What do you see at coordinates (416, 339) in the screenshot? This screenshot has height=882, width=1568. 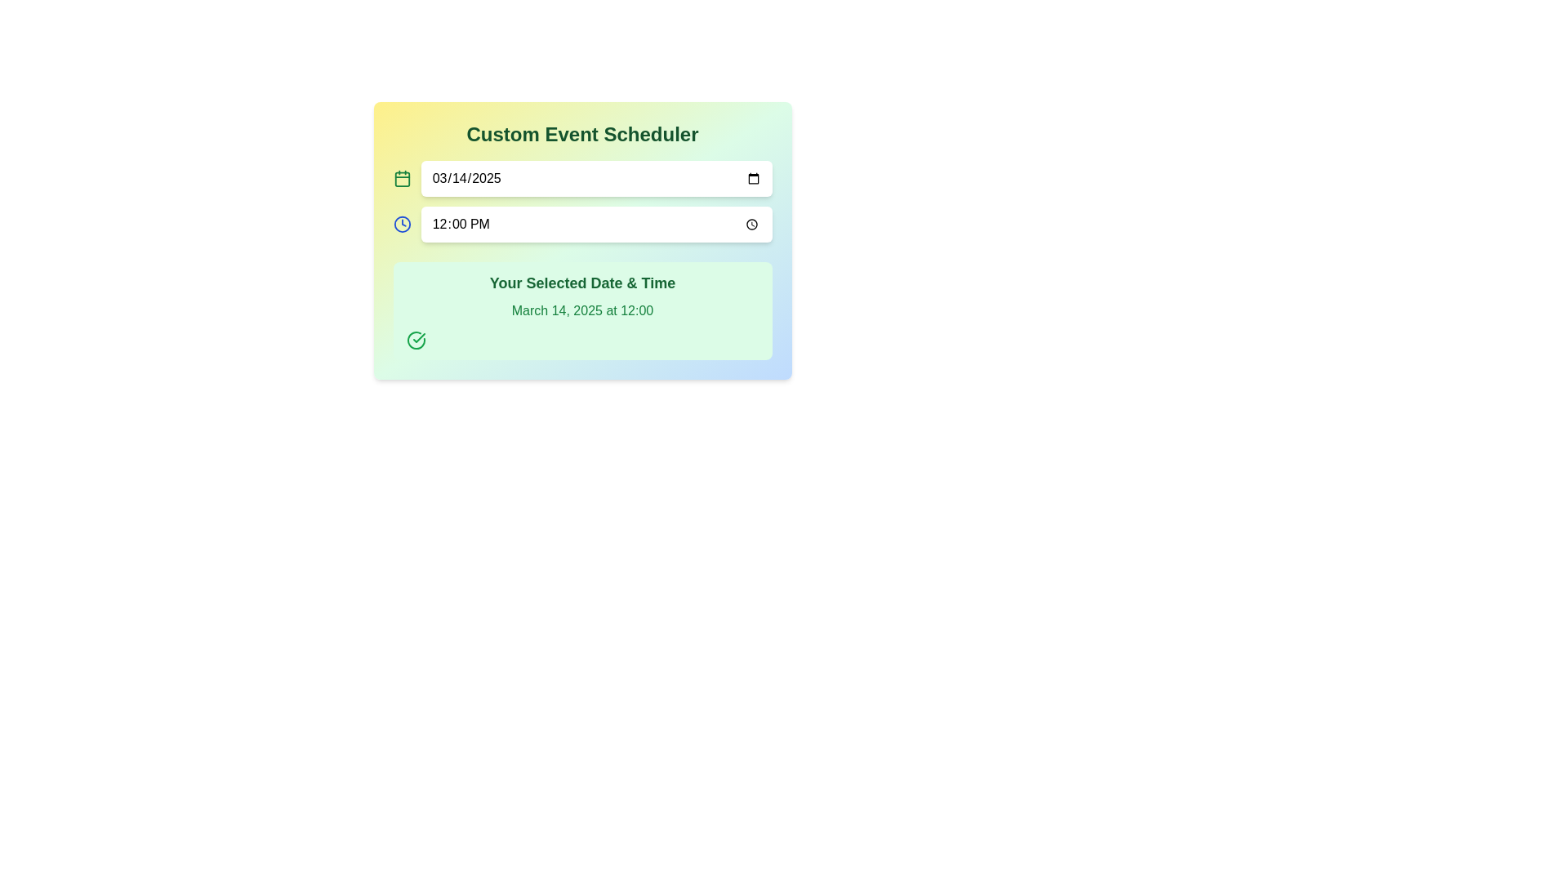 I see `the success confirmation icon located at the bottom-left corner of the 'Your Selected Date & Time' section, below the text 'March 14, 2025 at 12:00.'` at bounding box center [416, 339].